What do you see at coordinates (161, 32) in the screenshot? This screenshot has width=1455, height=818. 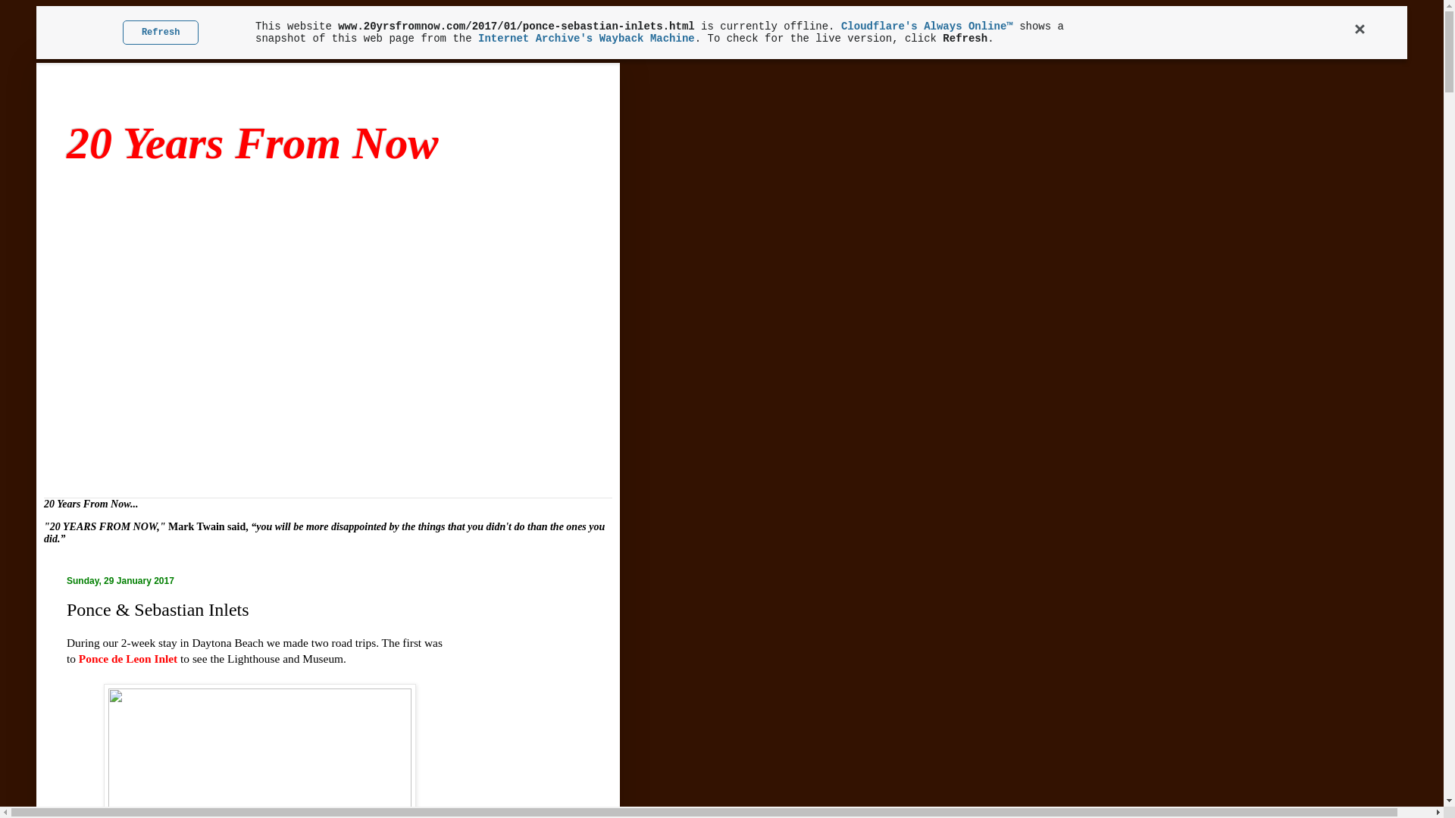 I see `'Refresh'` at bounding box center [161, 32].